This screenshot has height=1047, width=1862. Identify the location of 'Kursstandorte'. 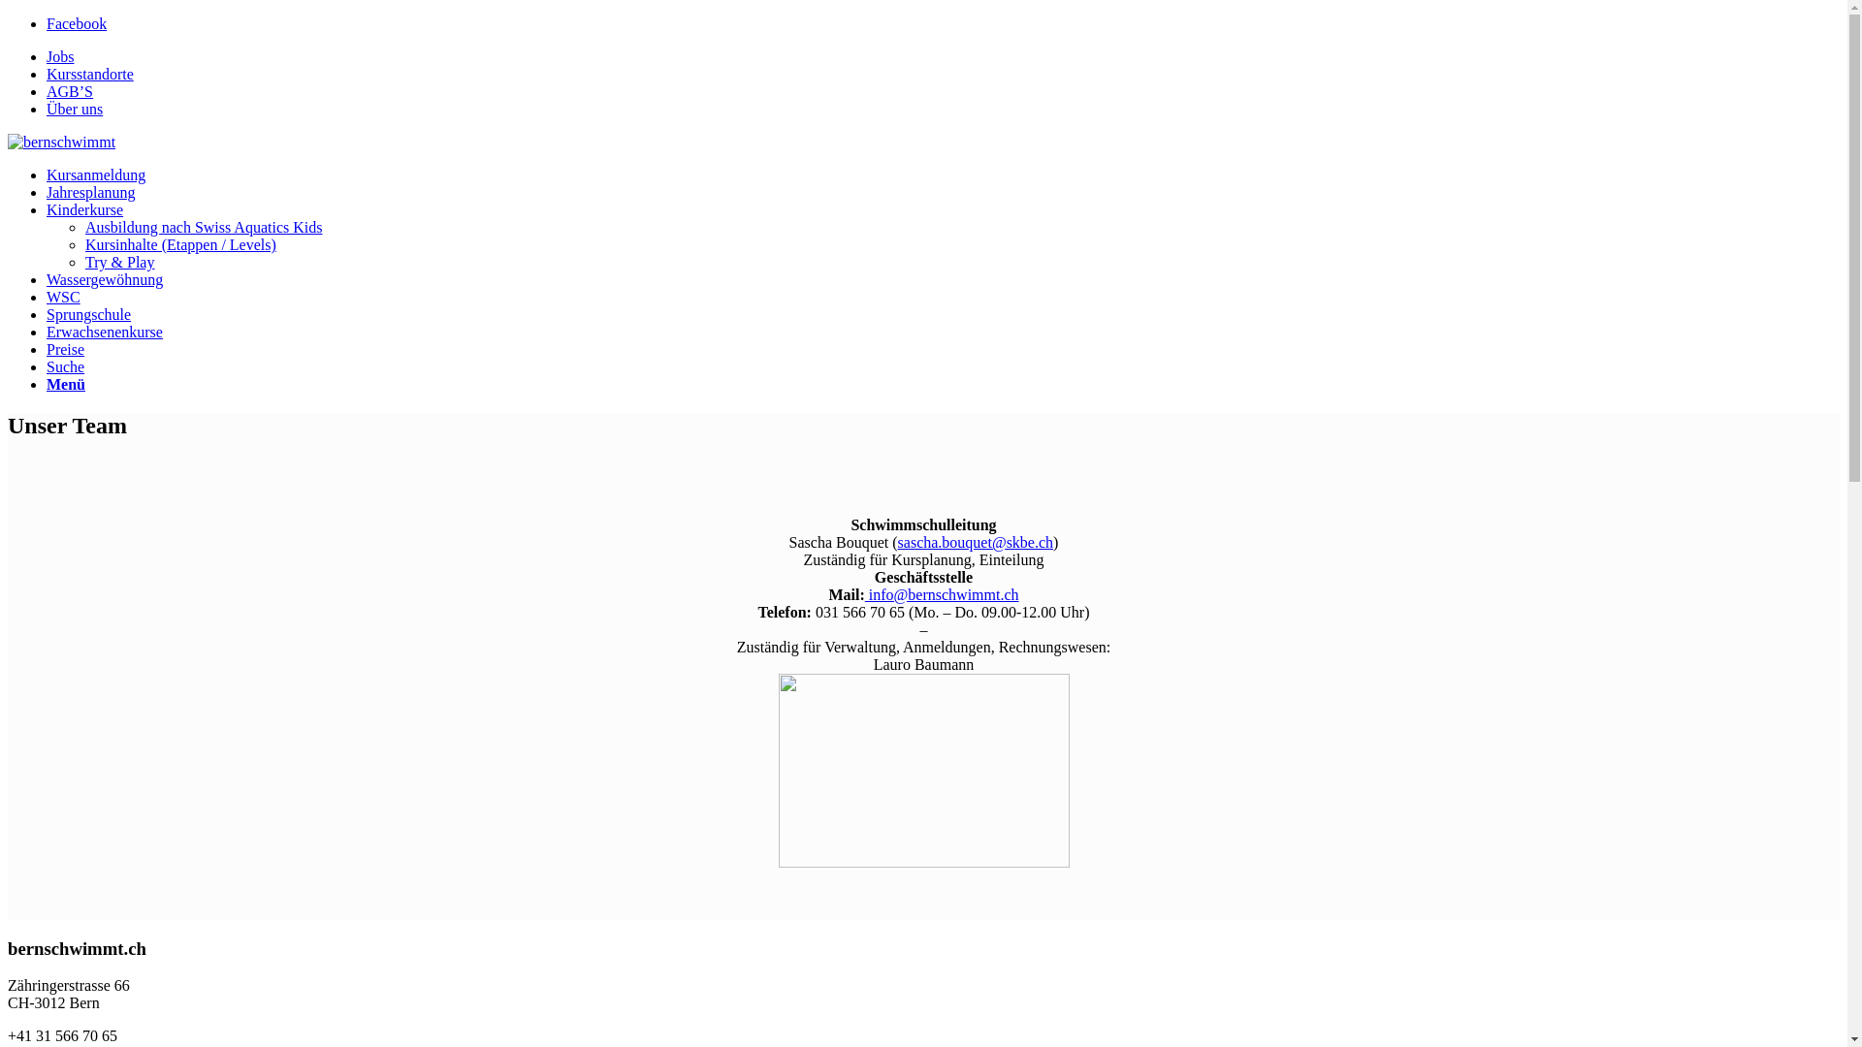
(88, 73).